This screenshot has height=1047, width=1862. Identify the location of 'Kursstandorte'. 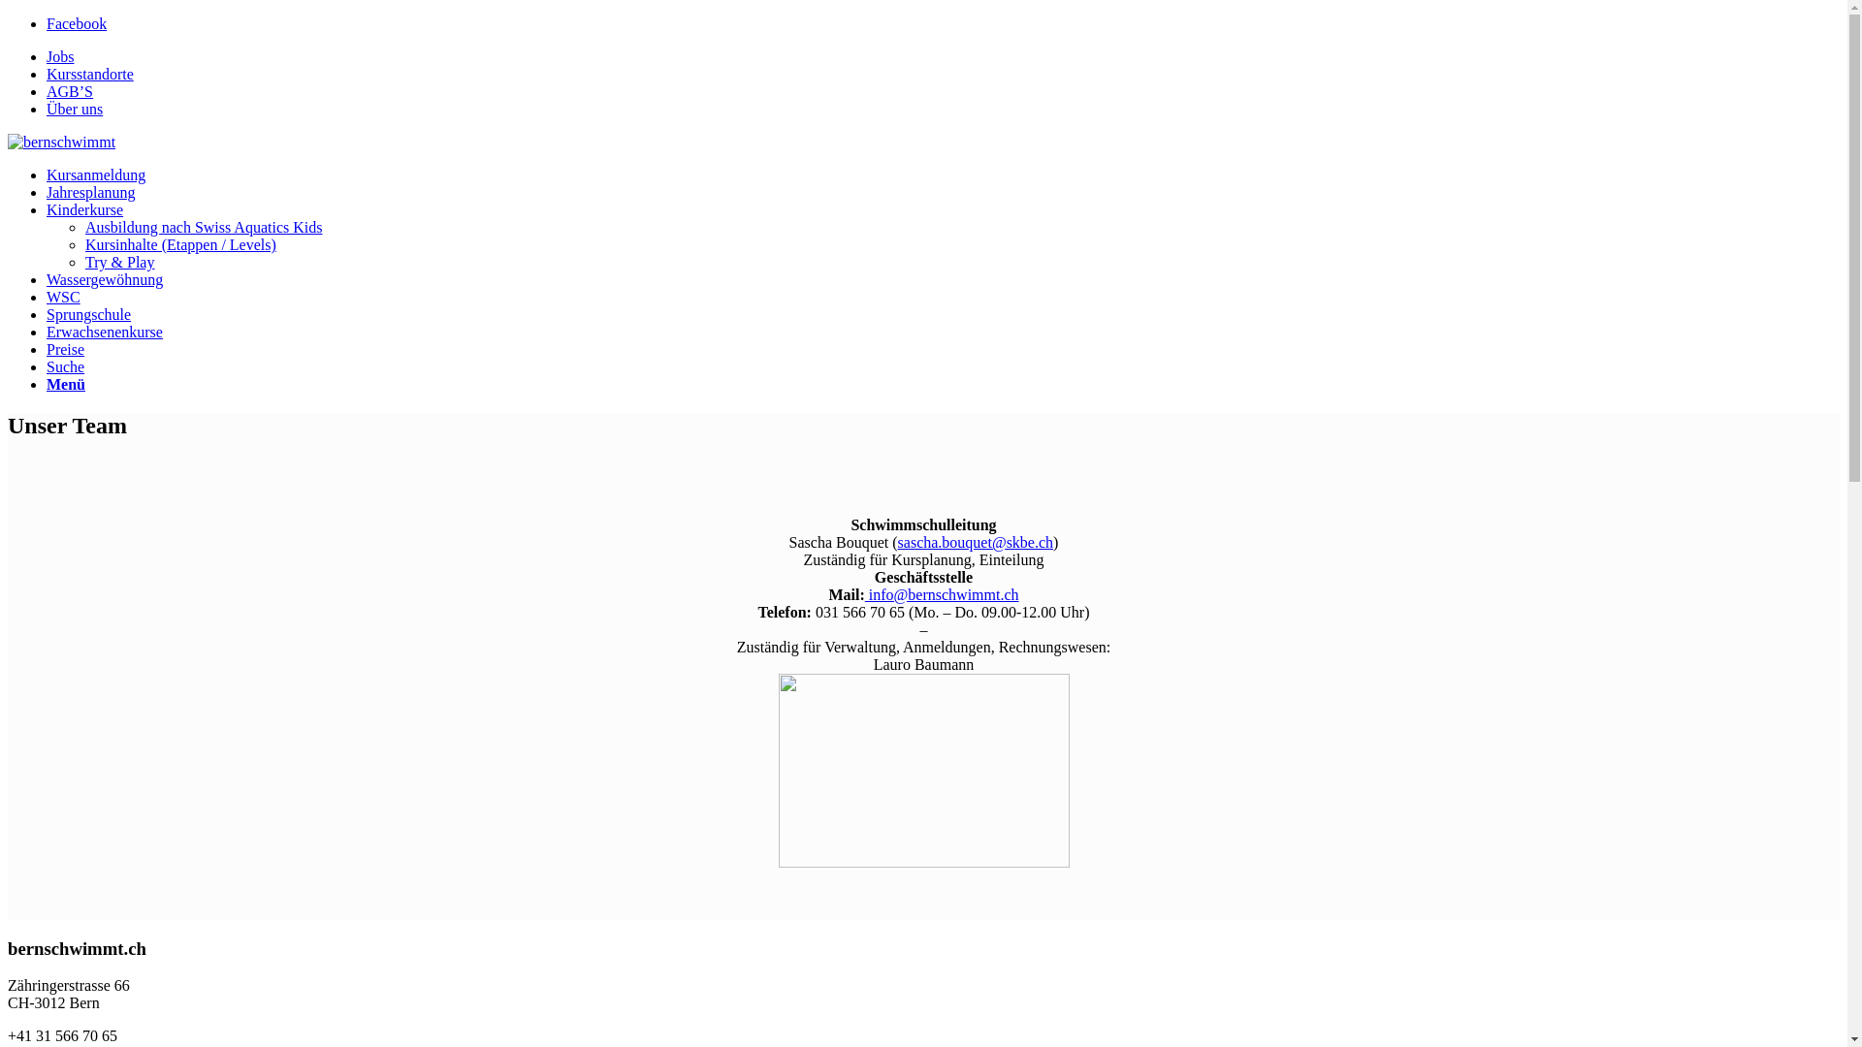
(88, 73).